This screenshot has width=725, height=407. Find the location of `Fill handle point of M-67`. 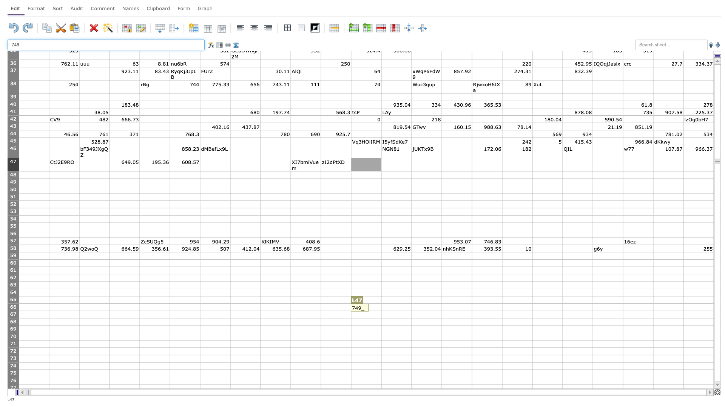

Fill handle point of M-67 is located at coordinates (411, 318).